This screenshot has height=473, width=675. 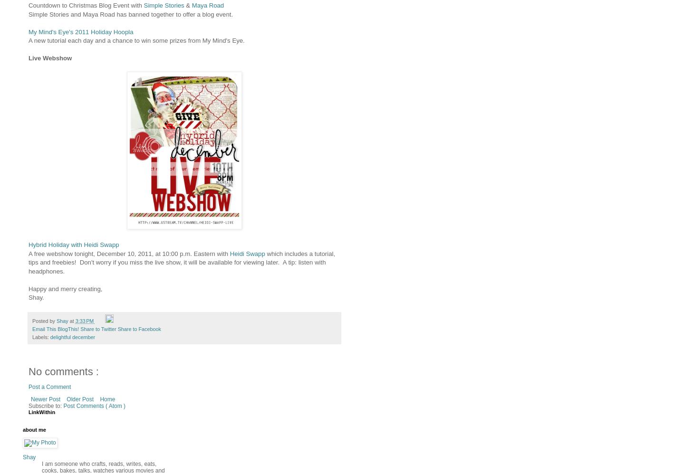 What do you see at coordinates (49, 387) in the screenshot?
I see `'Post a Comment'` at bounding box center [49, 387].